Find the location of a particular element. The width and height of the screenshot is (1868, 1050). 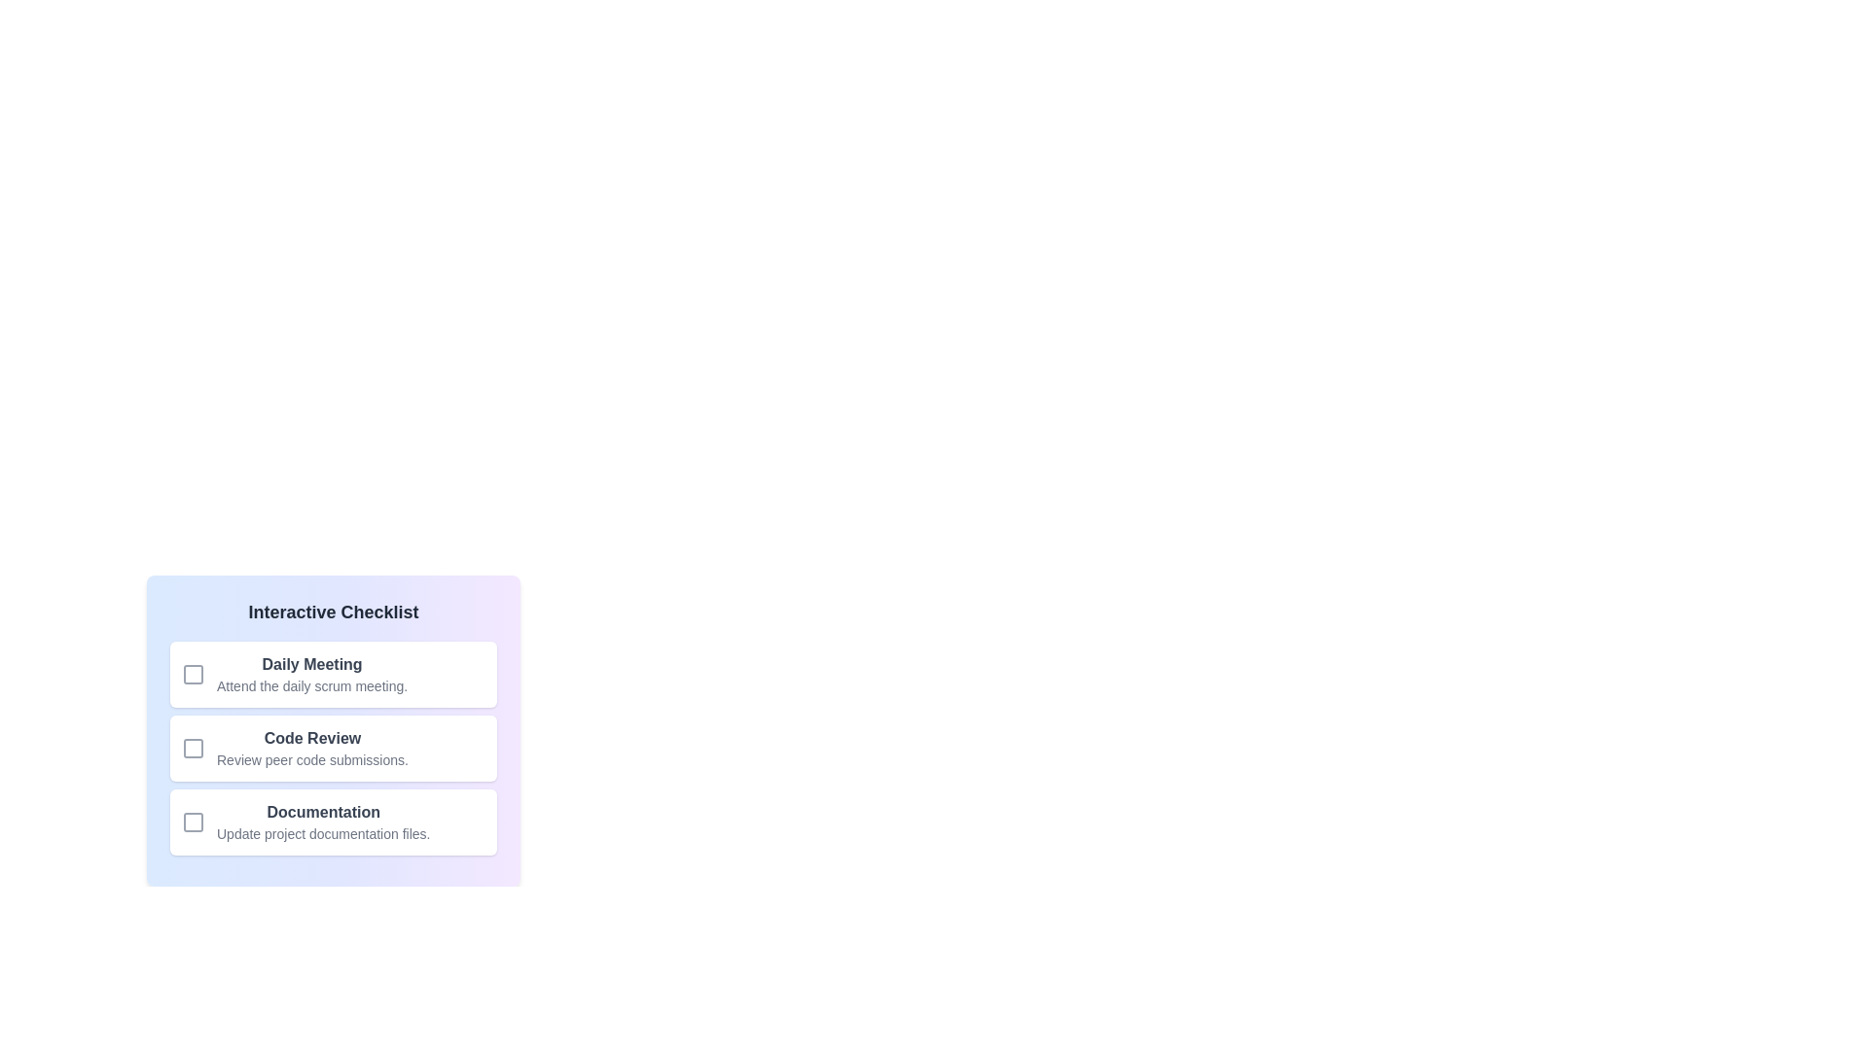

the checkbox located at the top-left corner of the 'Daily Meeting' item in the 'Interactive Checklist' is located at coordinates (193, 674).